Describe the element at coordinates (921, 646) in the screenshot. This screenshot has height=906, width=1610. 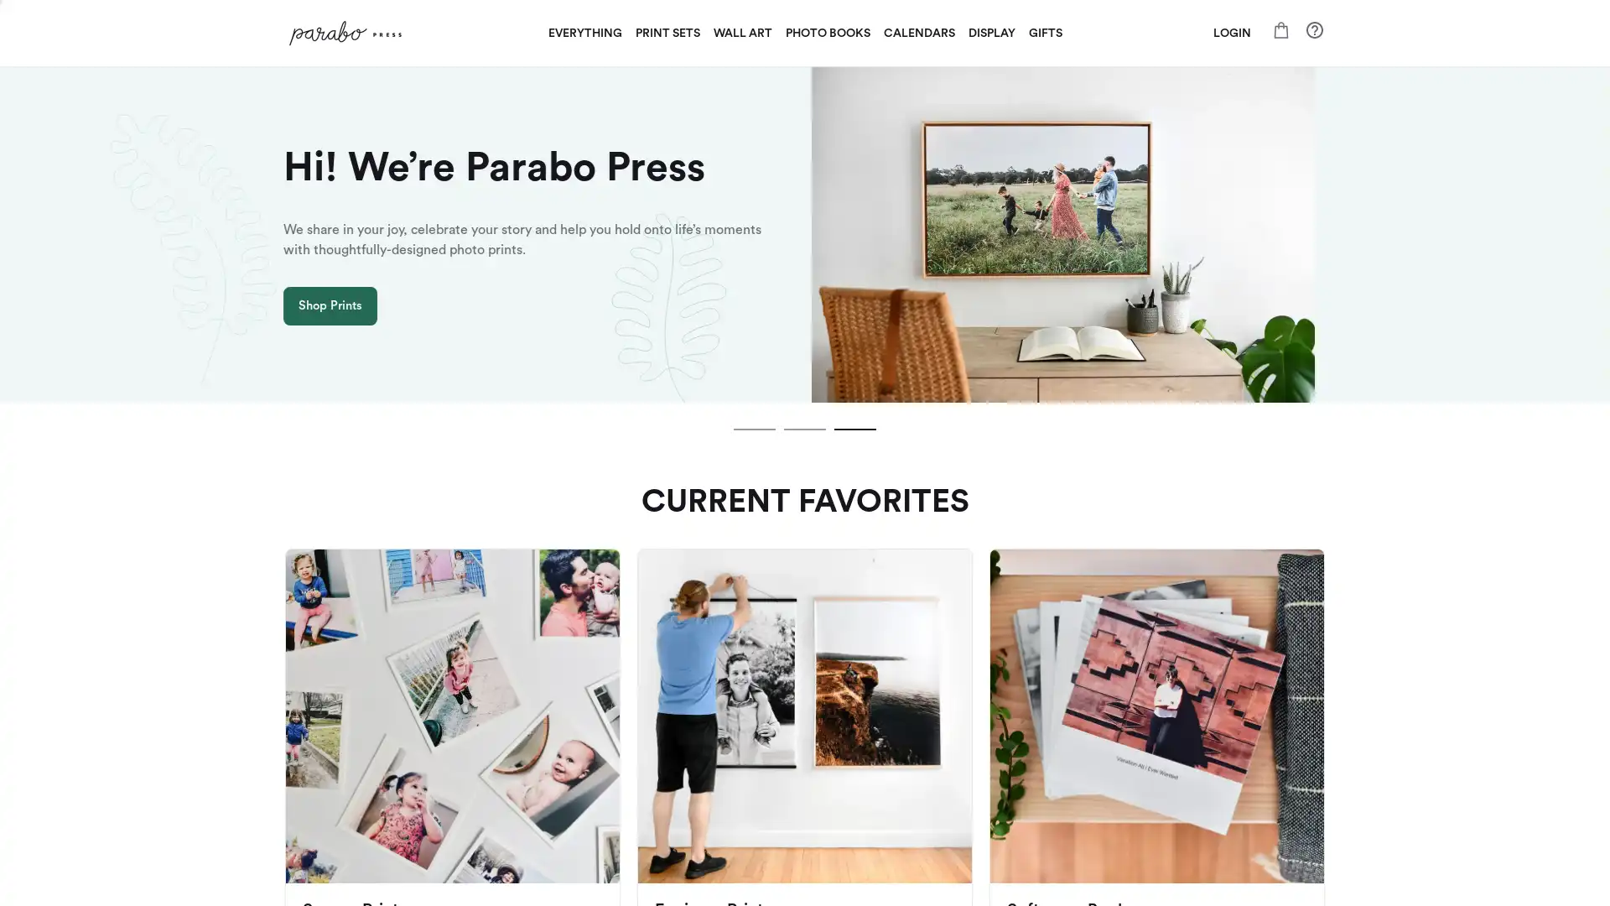
I see `subscribe` at that location.